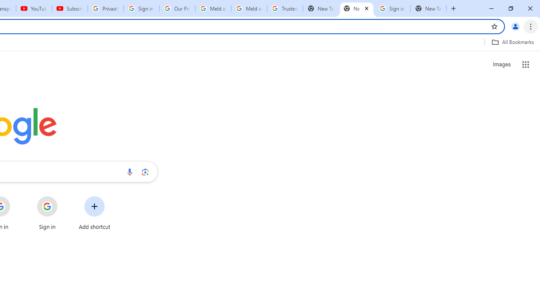 The height and width of the screenshot is (304, 540). I want to click on 'More actions for Sign in shortcut', so click(64, 197).